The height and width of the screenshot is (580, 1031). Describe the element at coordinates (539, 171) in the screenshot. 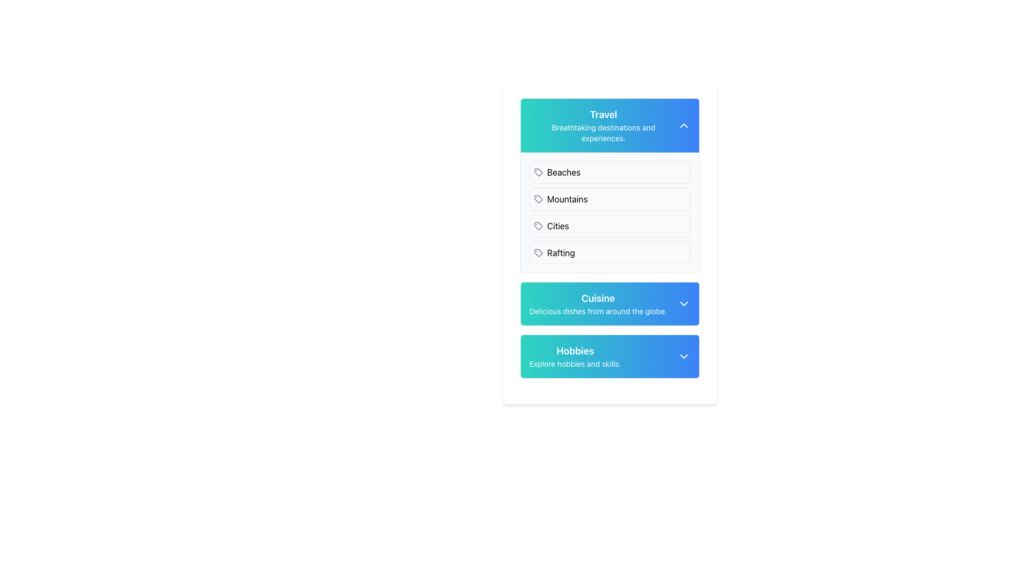

I see `the tag icon located at the top left of the 'Beaches' list item in the 'Travel' category` at that location.